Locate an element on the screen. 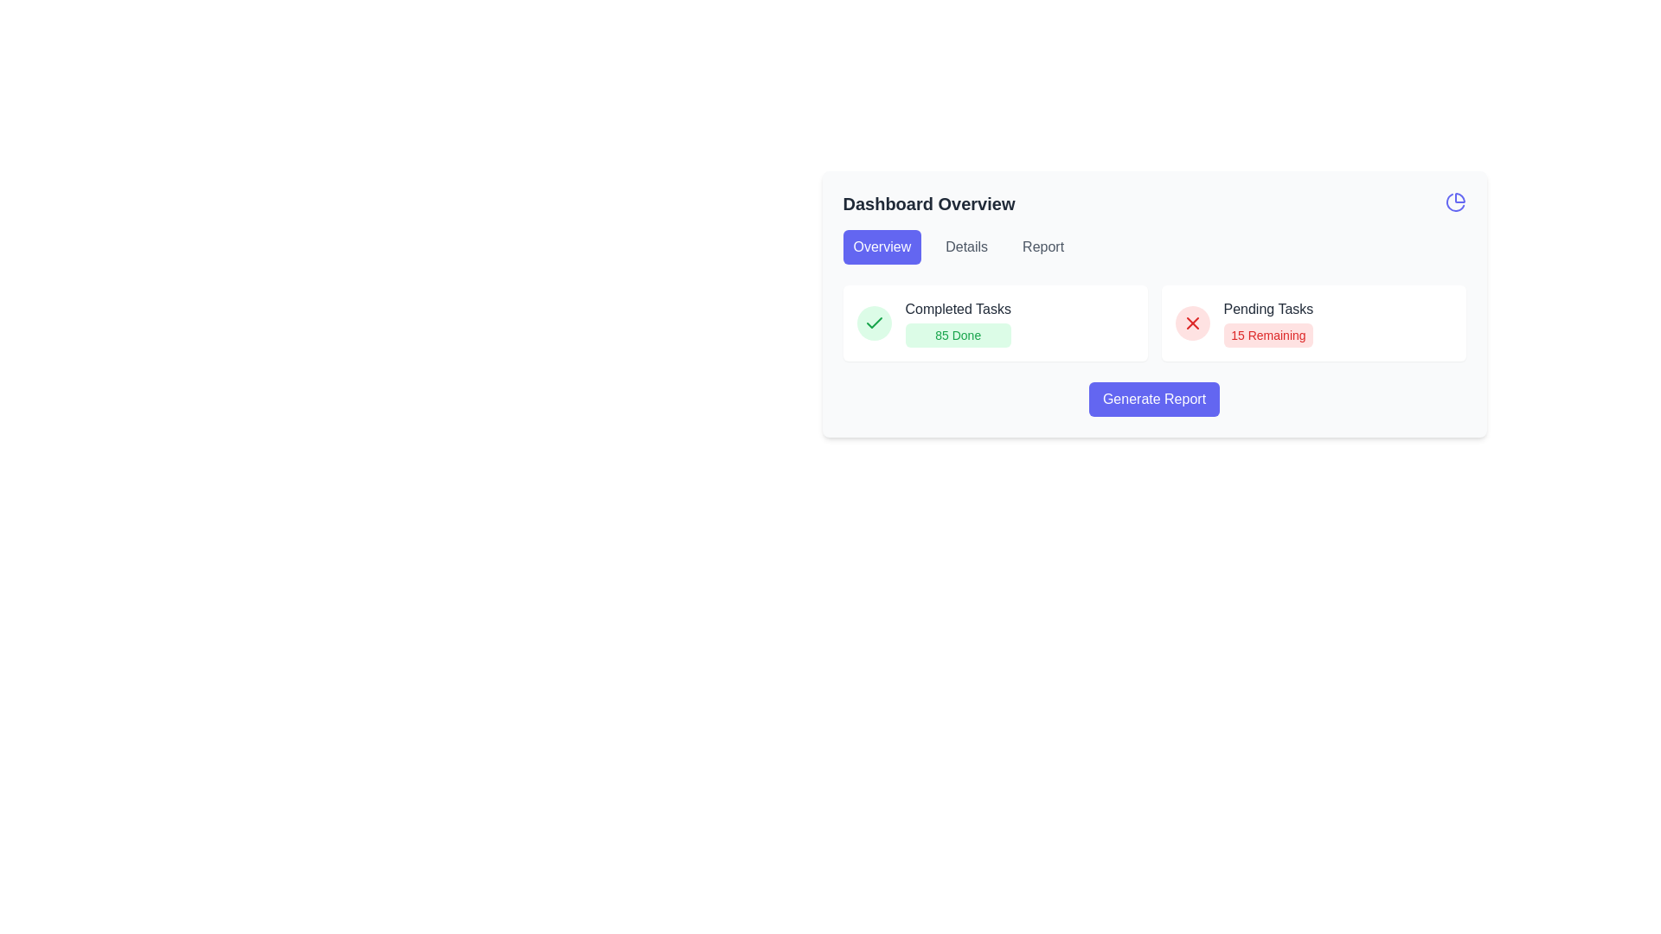 This screenshot has height=934, width=1661. the purple outlined 'X' shaped icon in the top-right corner of the 'Pending Tasks' card is located at coordinates (1191, 323).